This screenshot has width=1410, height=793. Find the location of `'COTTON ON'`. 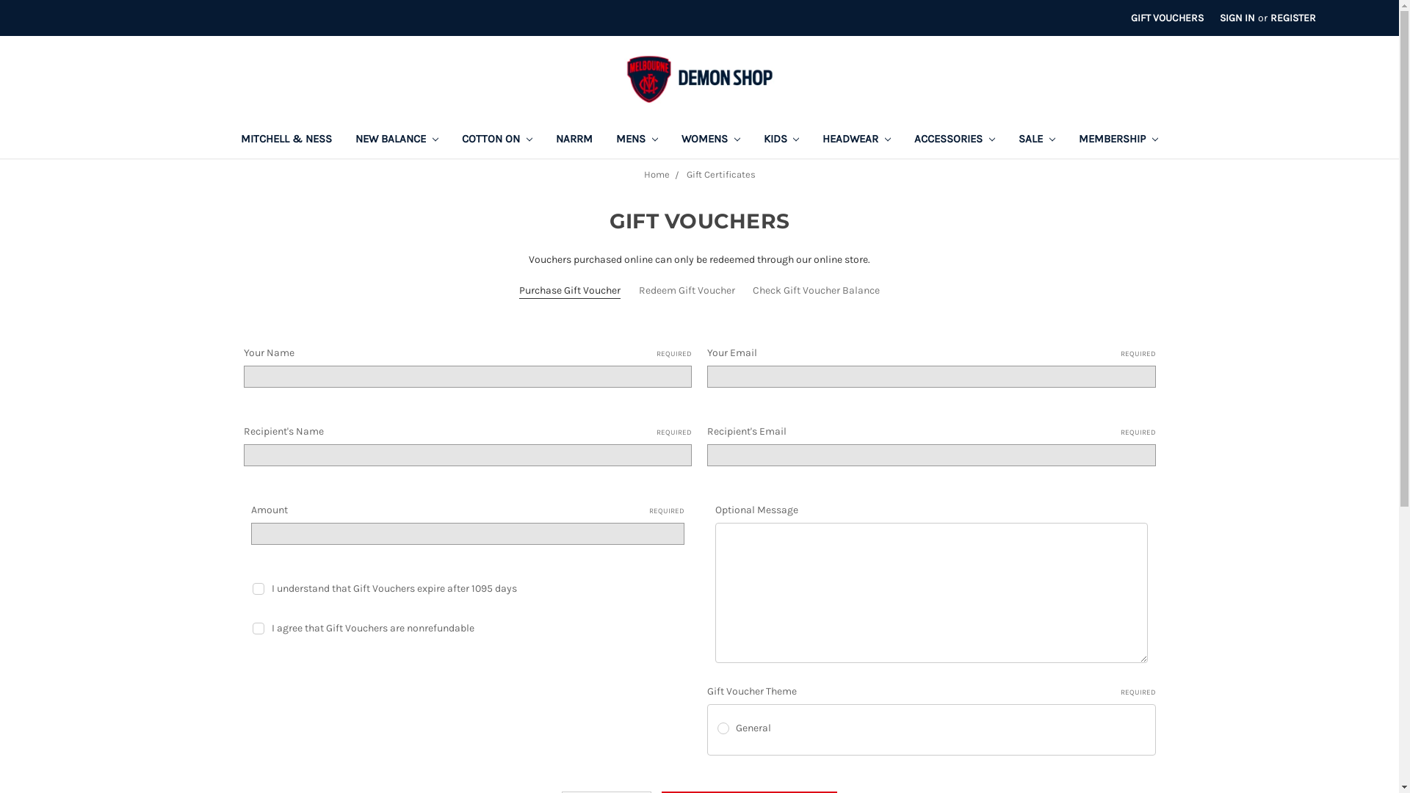

'COTTON ON' is located at coordinates (496, 140).